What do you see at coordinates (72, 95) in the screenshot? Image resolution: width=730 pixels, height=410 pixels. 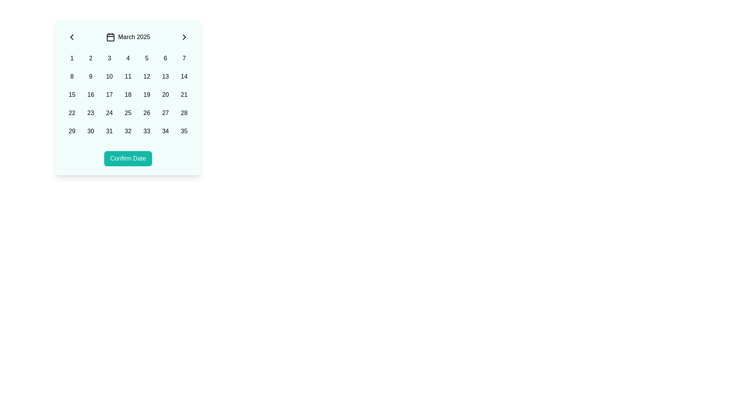 I see `the date button labeled '15' in the calendar interface` at bounding box center [72, 95].